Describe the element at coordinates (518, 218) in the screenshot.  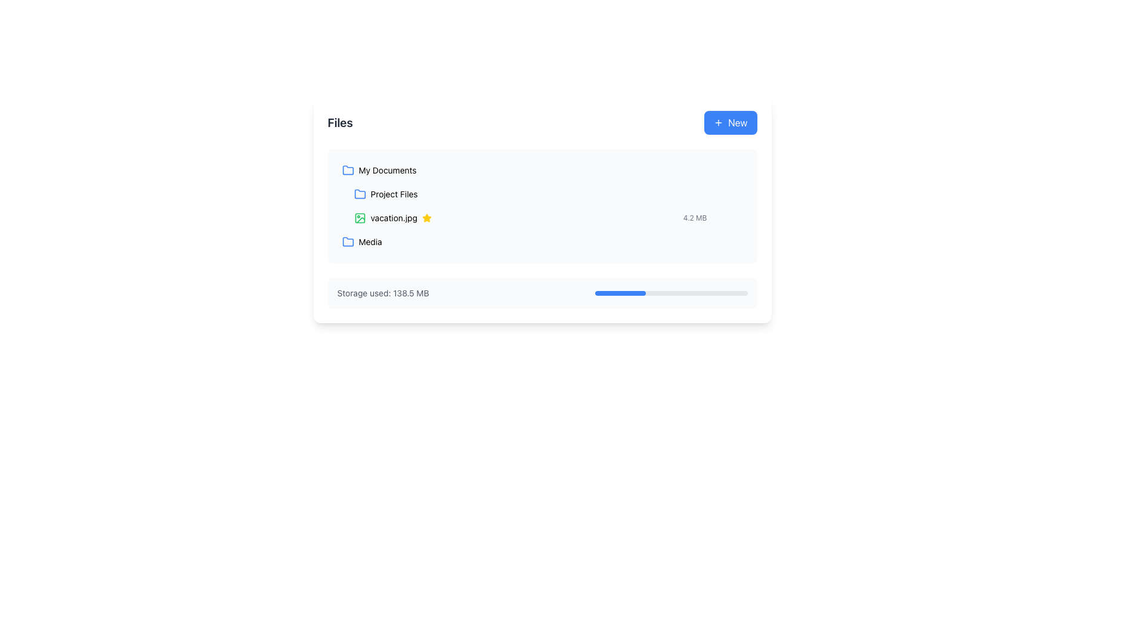
I see `the file list item representing 'vacation.jpg'` at that location.